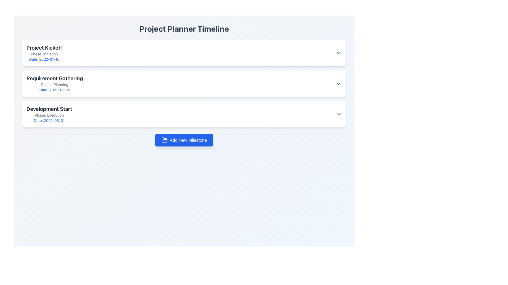  What do you see at coordinates (49, 115) in the screenshot?
I see `the text label displaying 'Phase: Execution' which is located beneath the 'Development Start' section title` at bounding box center [49, 115].